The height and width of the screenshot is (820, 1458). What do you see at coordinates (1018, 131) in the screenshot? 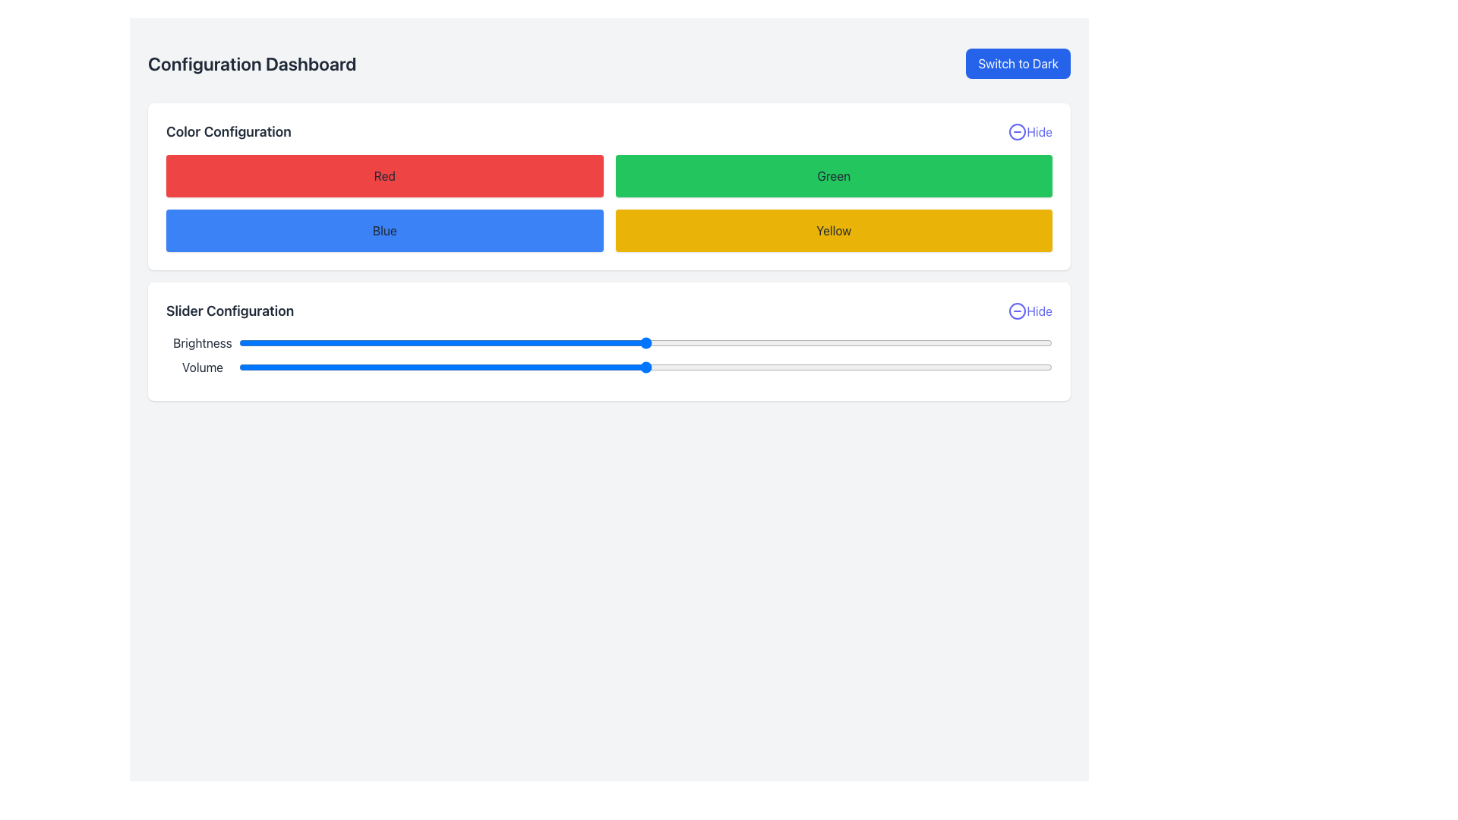
I see `the circular minus icon located to the left of the 'Hide' text in the 'Hide' button group within the 'Color Configuration' section` at bounding box center [1018, 131].